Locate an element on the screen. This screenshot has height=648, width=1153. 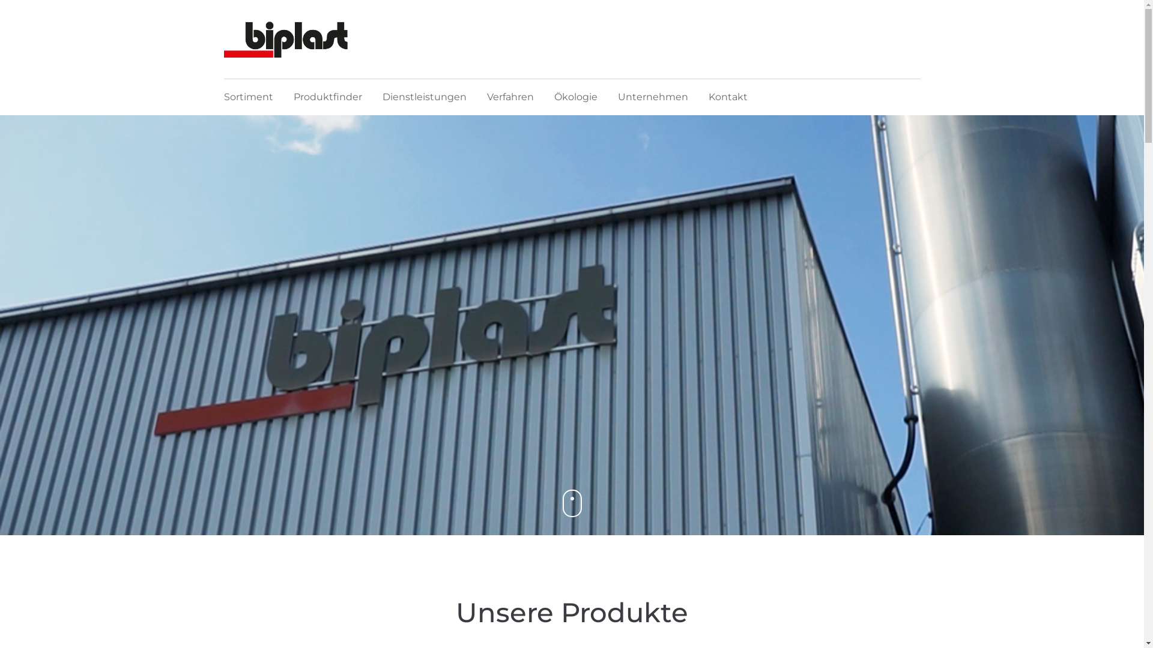
'Kontakt' is located at coordinates (727, 97).